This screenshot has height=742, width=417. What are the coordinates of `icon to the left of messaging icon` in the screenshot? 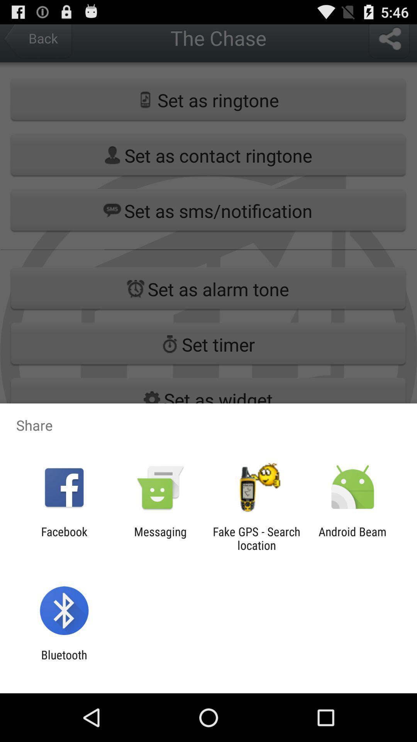 It's located at (64, 538).